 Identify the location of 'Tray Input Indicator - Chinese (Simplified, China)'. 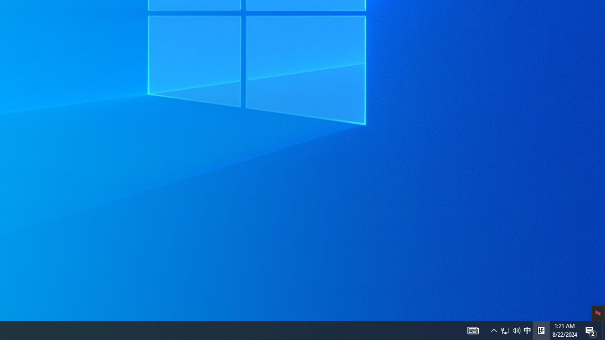
(541, 330).